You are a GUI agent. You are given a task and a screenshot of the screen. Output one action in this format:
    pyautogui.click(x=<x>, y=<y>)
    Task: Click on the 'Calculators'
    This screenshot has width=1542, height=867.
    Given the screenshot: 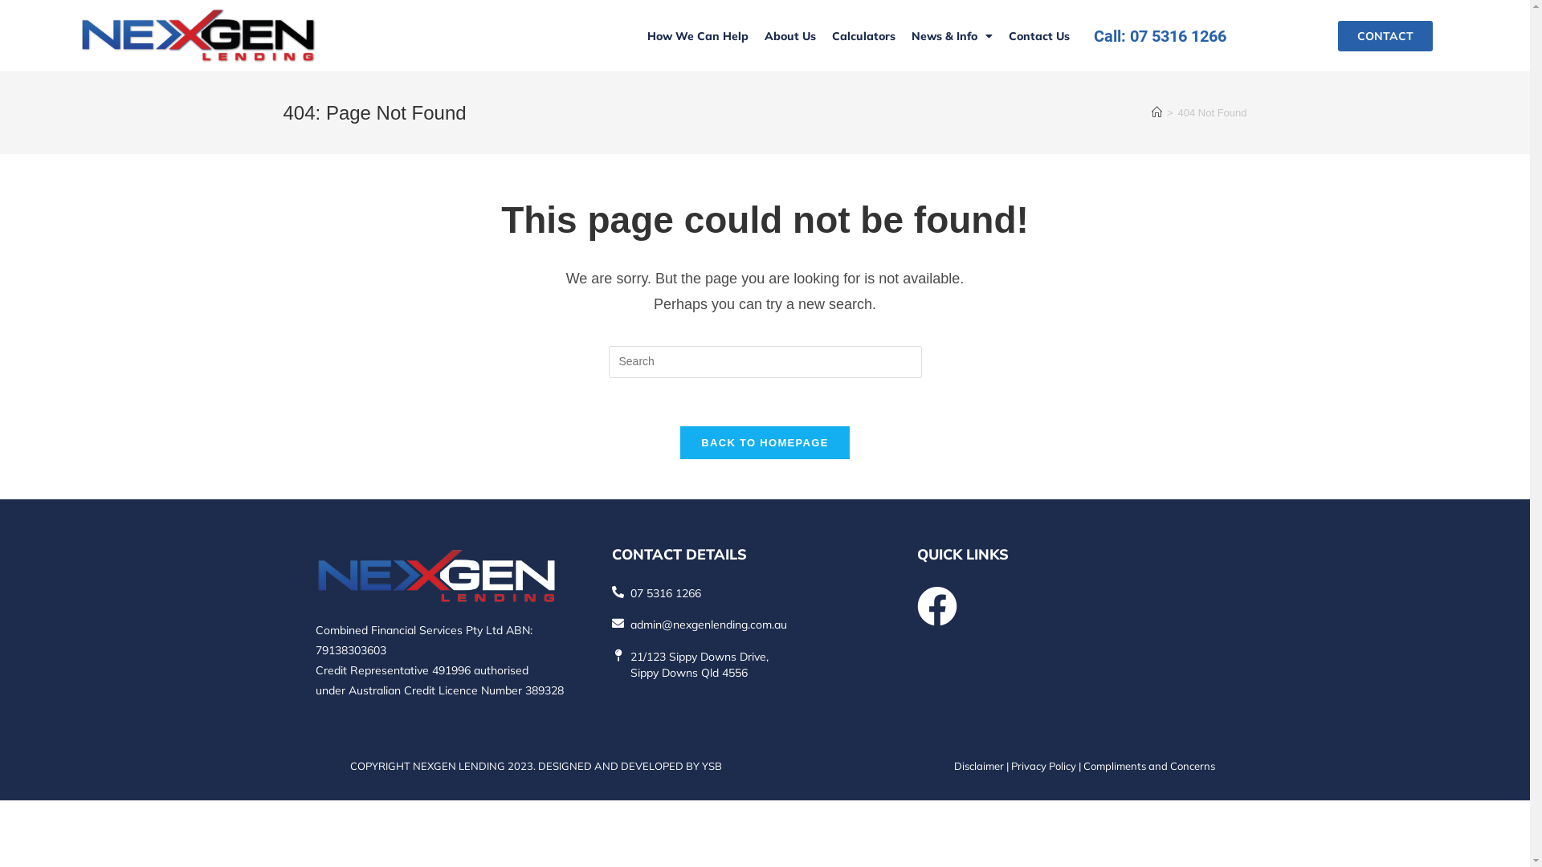 What is the action you would take?
    pyautogui.click(x=824, y=36)
    